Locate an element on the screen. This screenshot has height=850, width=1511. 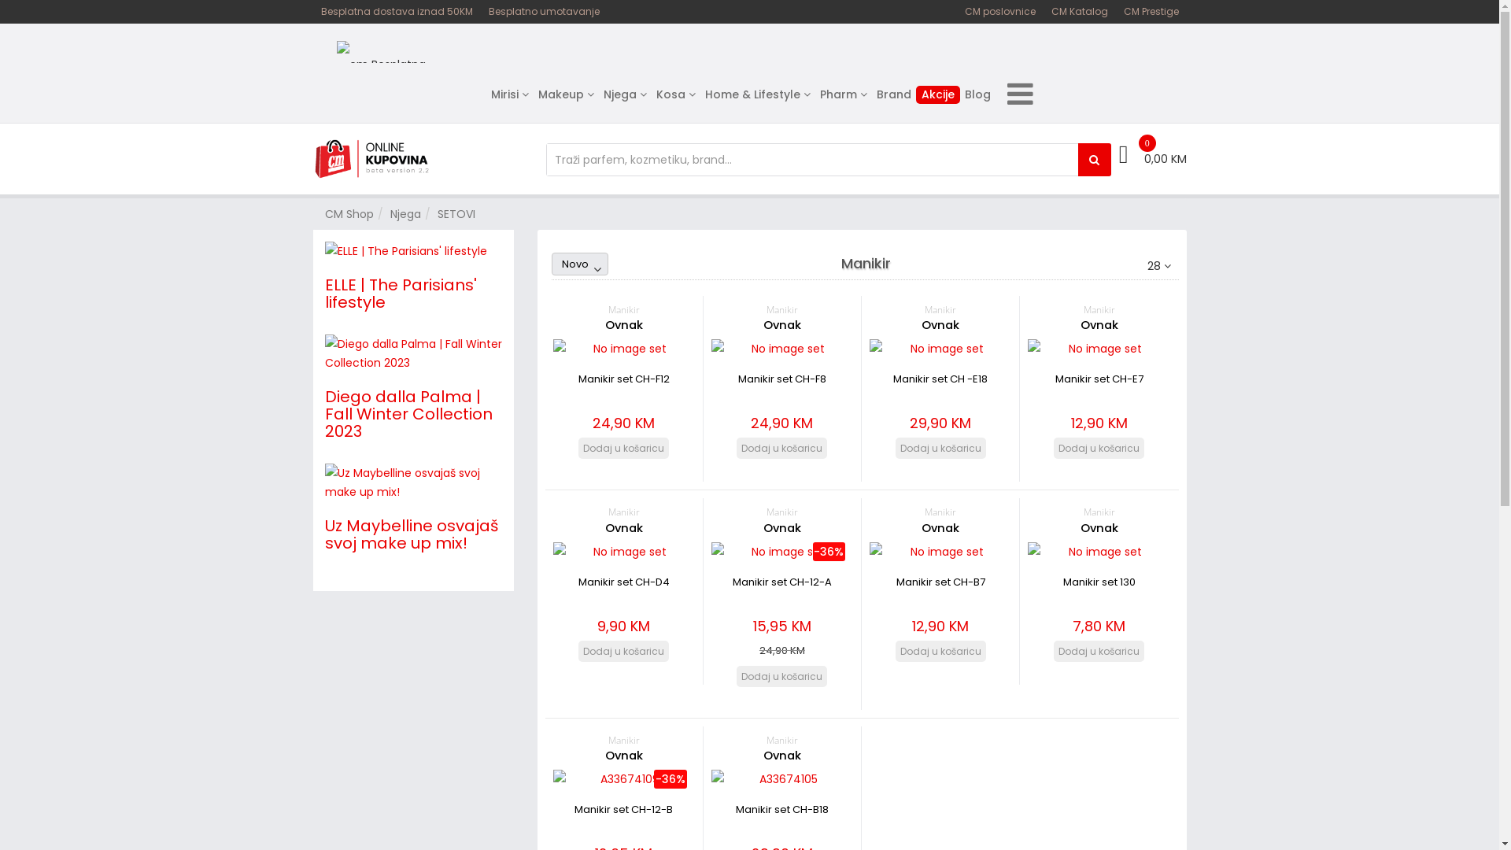
'Kosa' is located at coordinates (676, 94).